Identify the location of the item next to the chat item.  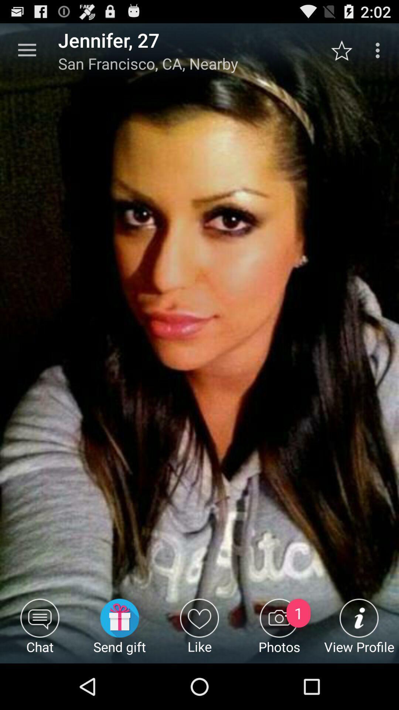
(119, 630).